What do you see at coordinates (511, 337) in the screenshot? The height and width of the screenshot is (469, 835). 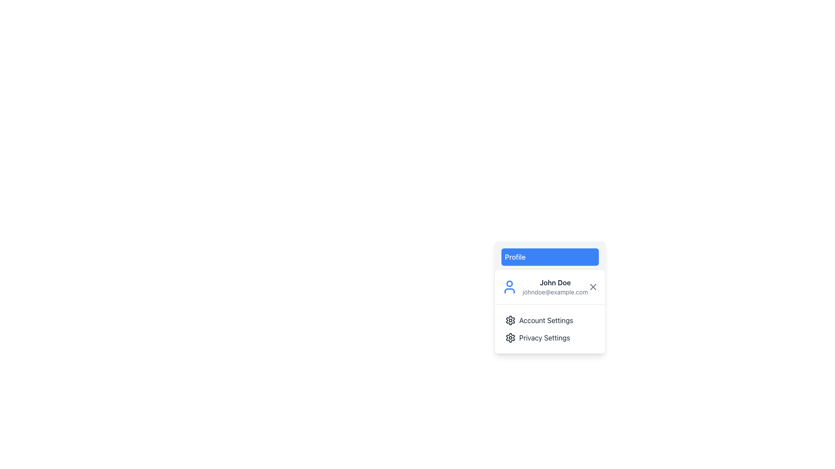 I see `the Privacy Settings Icon located in the dropdown menu, which visually represents the configurative nature of the Privacy Settings option` at bounding box center [511, 337].